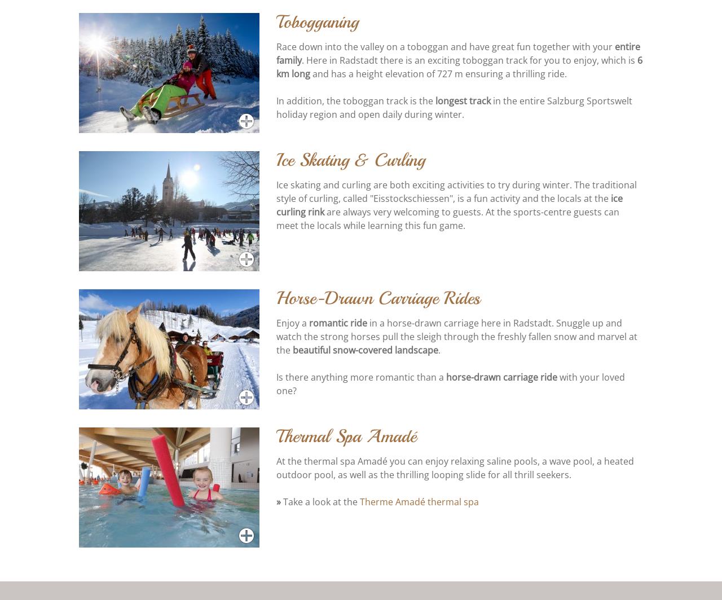  Describe the element at coordinates (350, 161) in the screenshot. I see `'Ice Skating & Curling'` at that location.